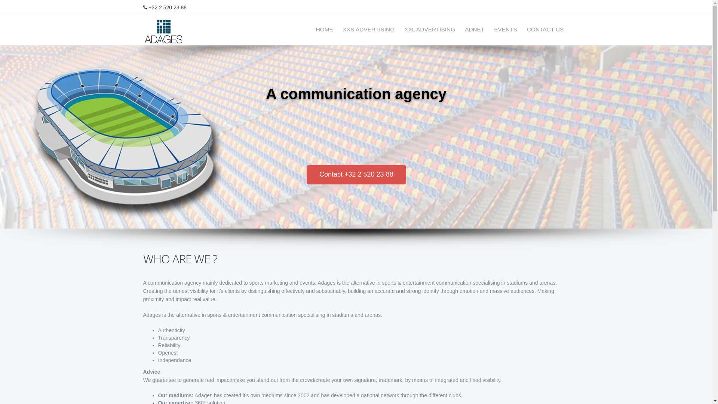 This screenshot has height=404, width=718. I want to click on 'EVENTS', so click(488, 29).